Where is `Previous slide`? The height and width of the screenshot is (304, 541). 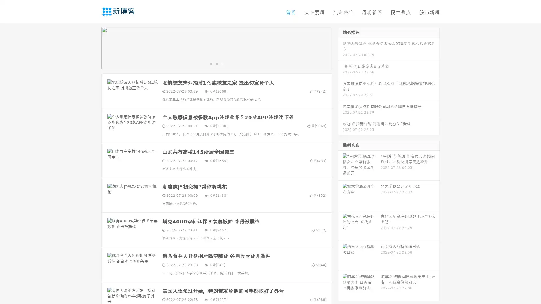
Previous slide is located at coordinates (93, 47).